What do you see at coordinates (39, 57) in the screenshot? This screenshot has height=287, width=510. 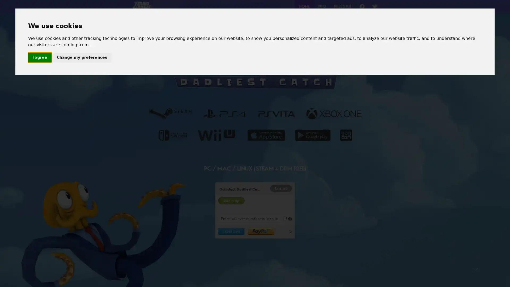 I see `I agree` at bounding box center [39, 57].